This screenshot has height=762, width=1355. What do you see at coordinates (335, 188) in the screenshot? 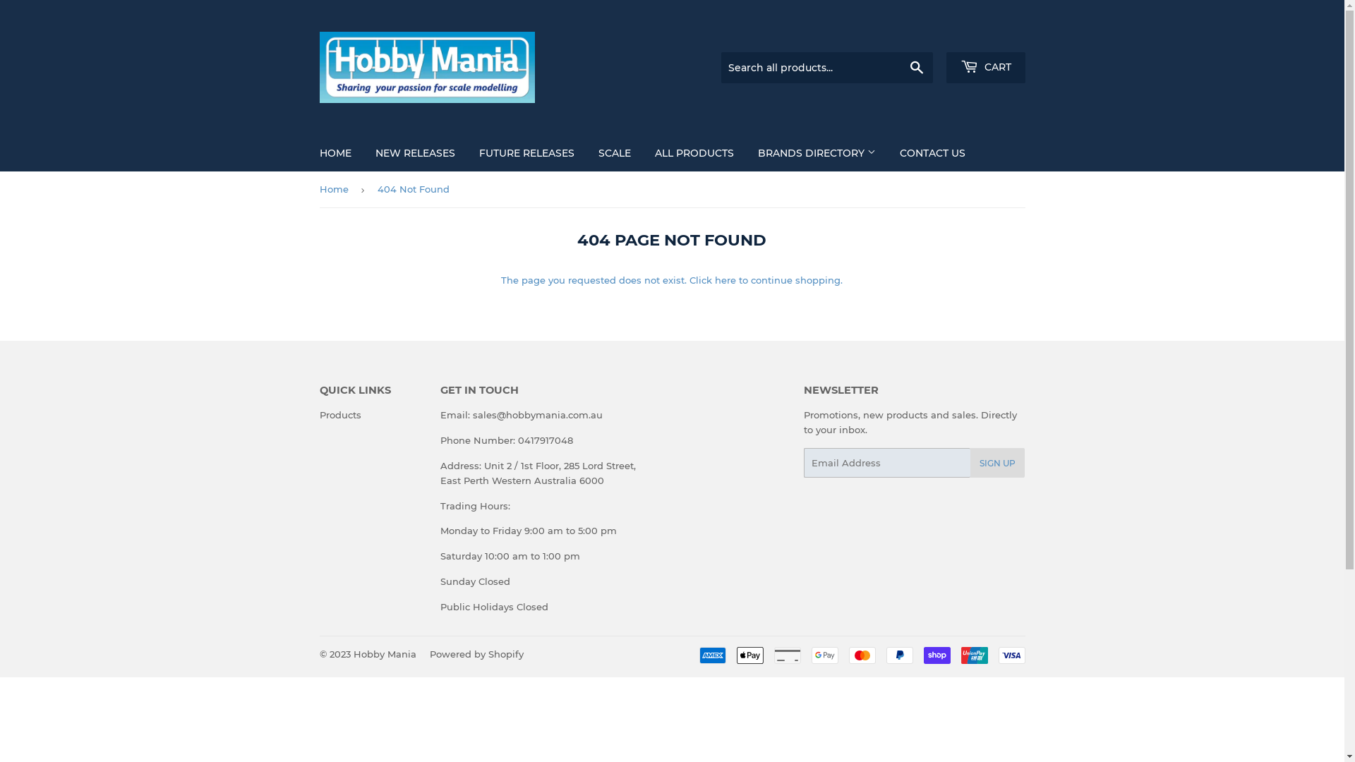
I see `'Home'` at bounding box center [335, 188].